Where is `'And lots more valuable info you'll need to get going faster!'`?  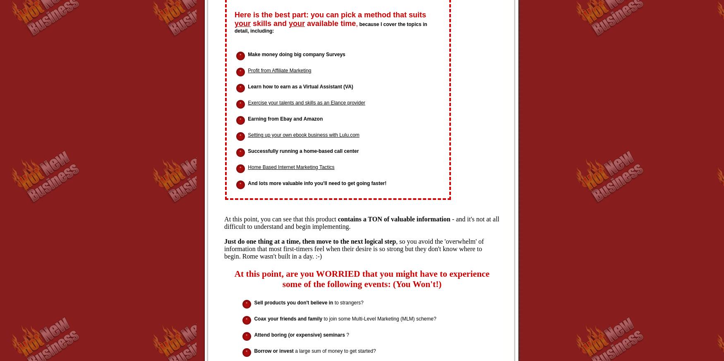 'And lots more valuable info you'll need to get going faster!' is located at coordinates (316, 183).